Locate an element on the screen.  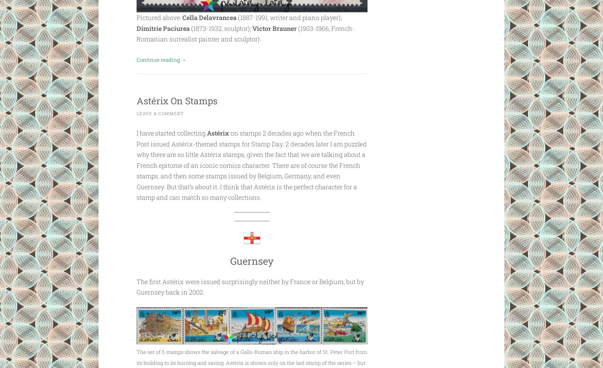
'Astérix On Stamps' is located at coordinates (186, 99).